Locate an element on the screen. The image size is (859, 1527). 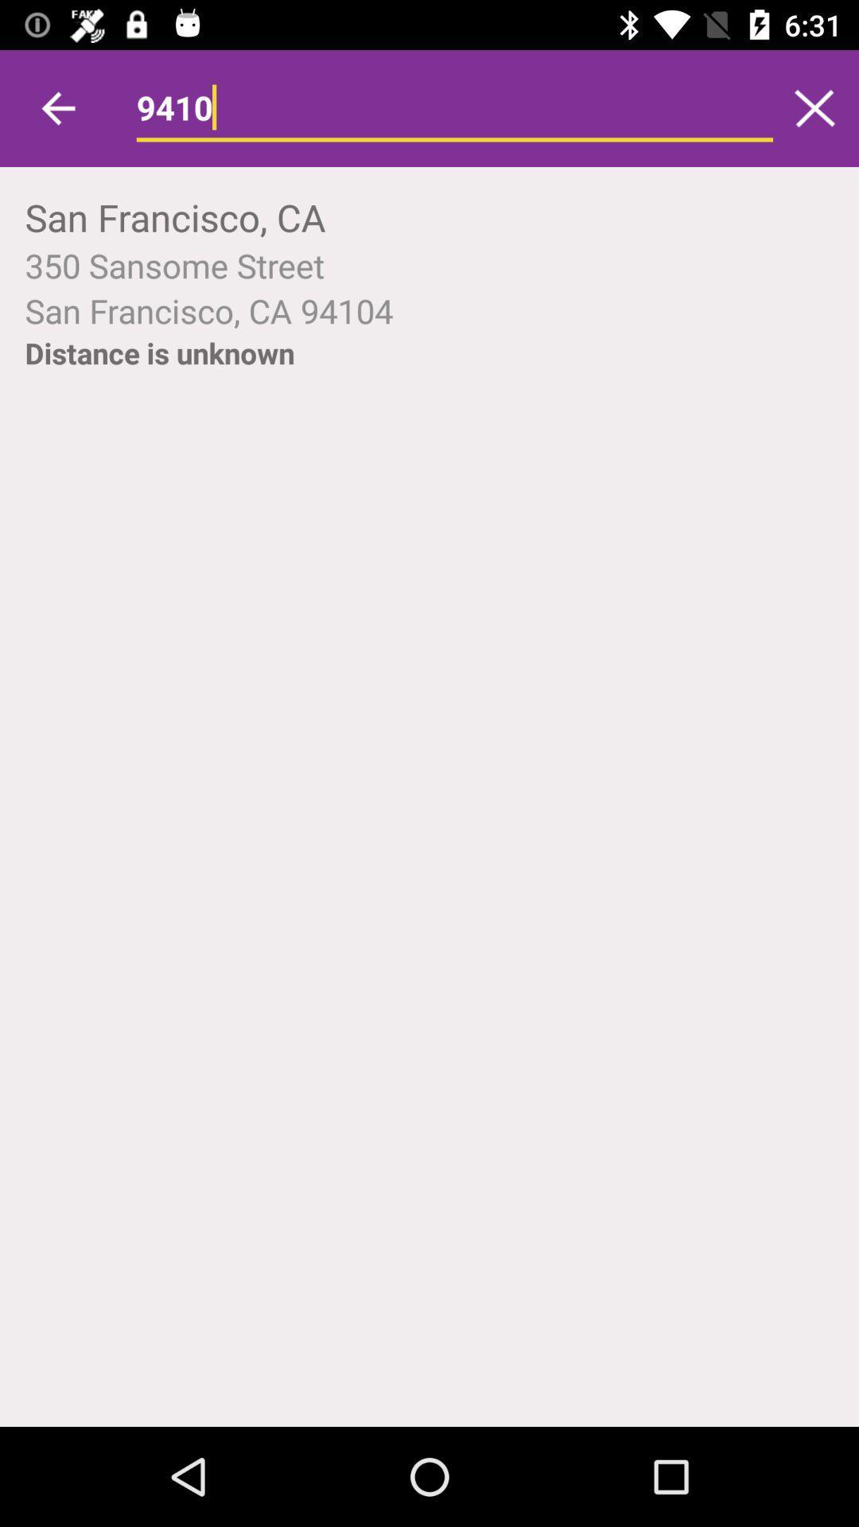
item above san francisco ca item is located at coordinates (429, 265).